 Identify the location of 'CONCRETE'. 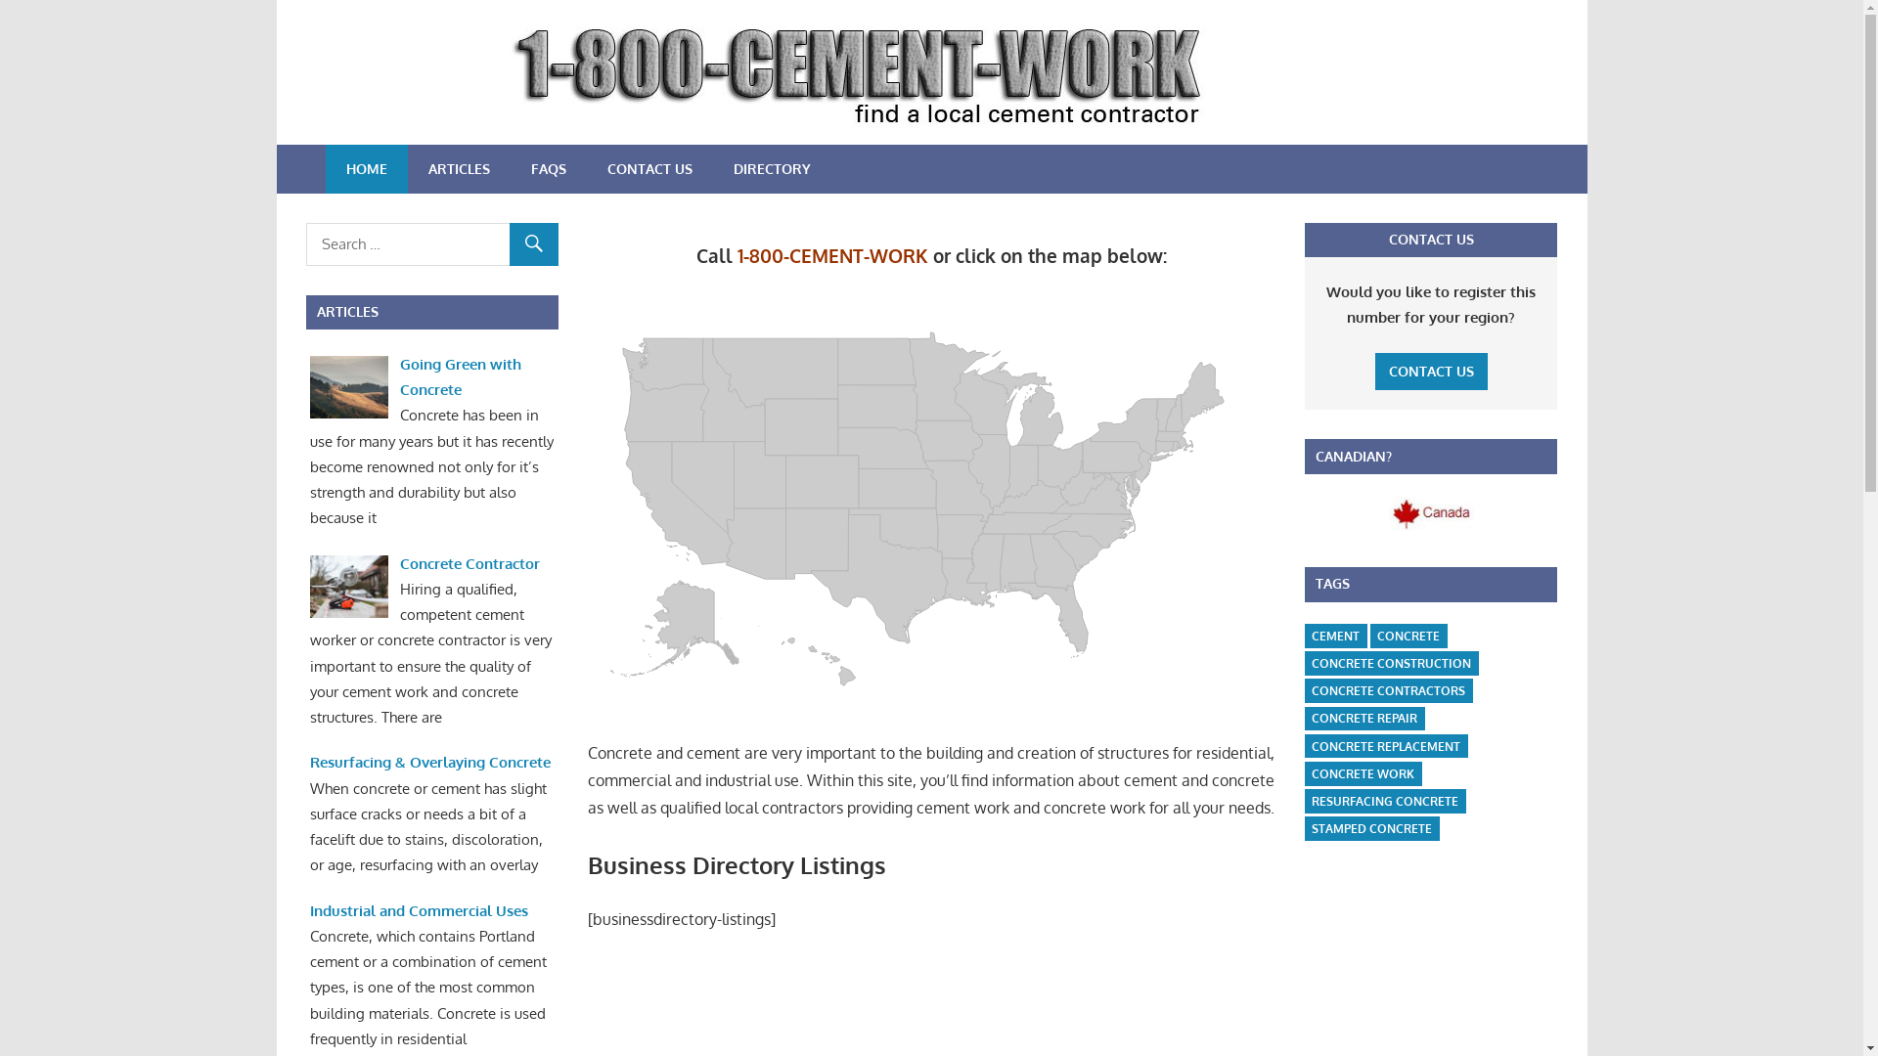
(1369, 636).